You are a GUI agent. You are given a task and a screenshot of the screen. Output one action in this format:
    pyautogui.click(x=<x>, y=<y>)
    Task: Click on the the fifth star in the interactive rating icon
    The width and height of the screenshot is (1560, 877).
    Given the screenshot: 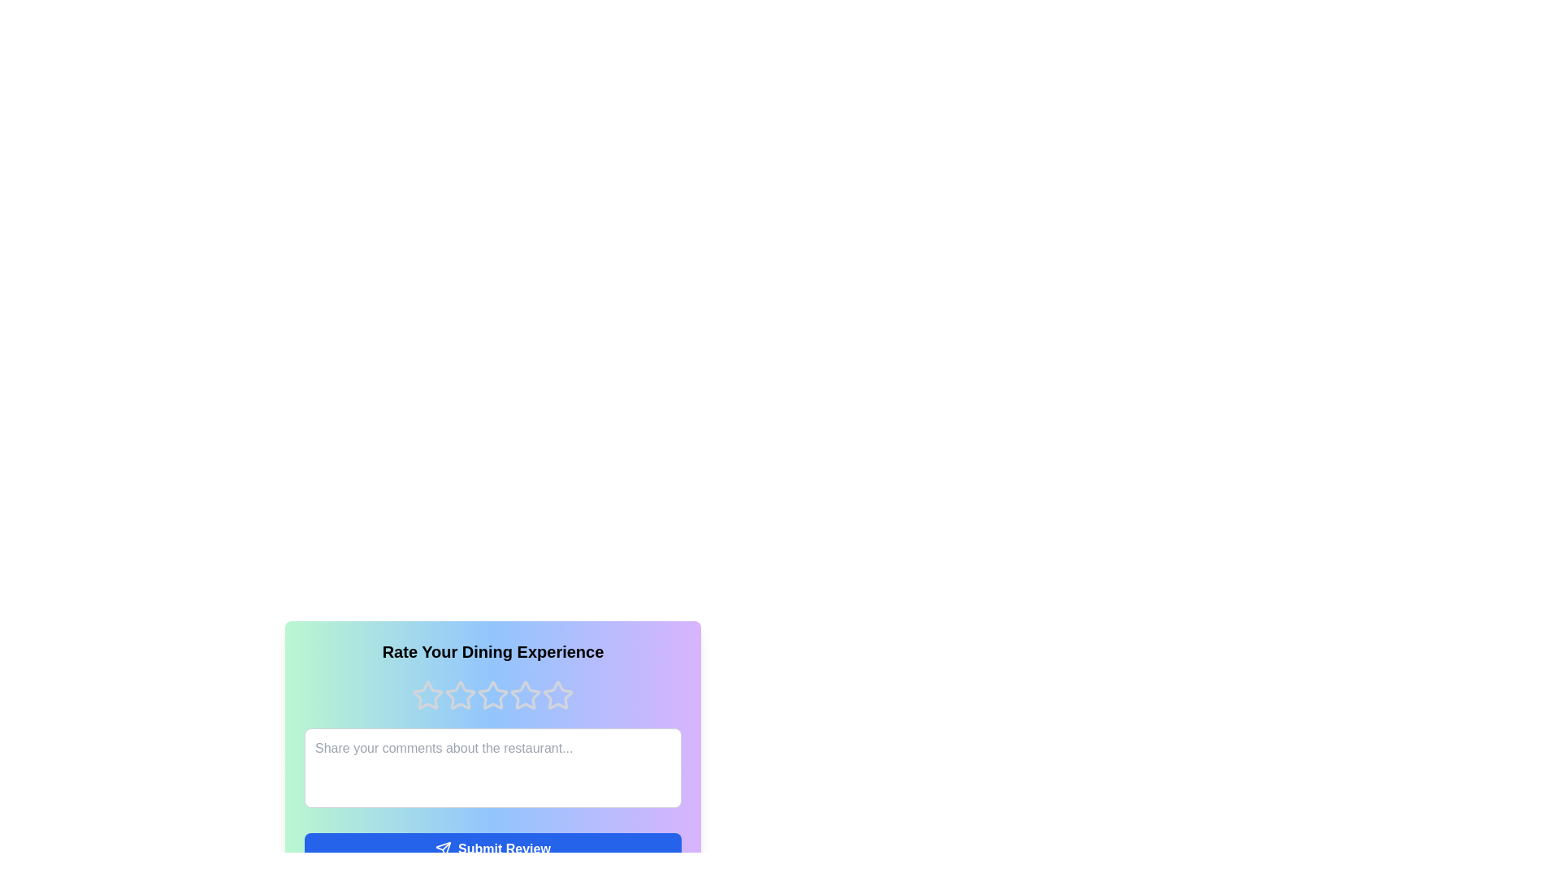 What is the action you would take?
    pyautogui.click(x=557, y=694)
    